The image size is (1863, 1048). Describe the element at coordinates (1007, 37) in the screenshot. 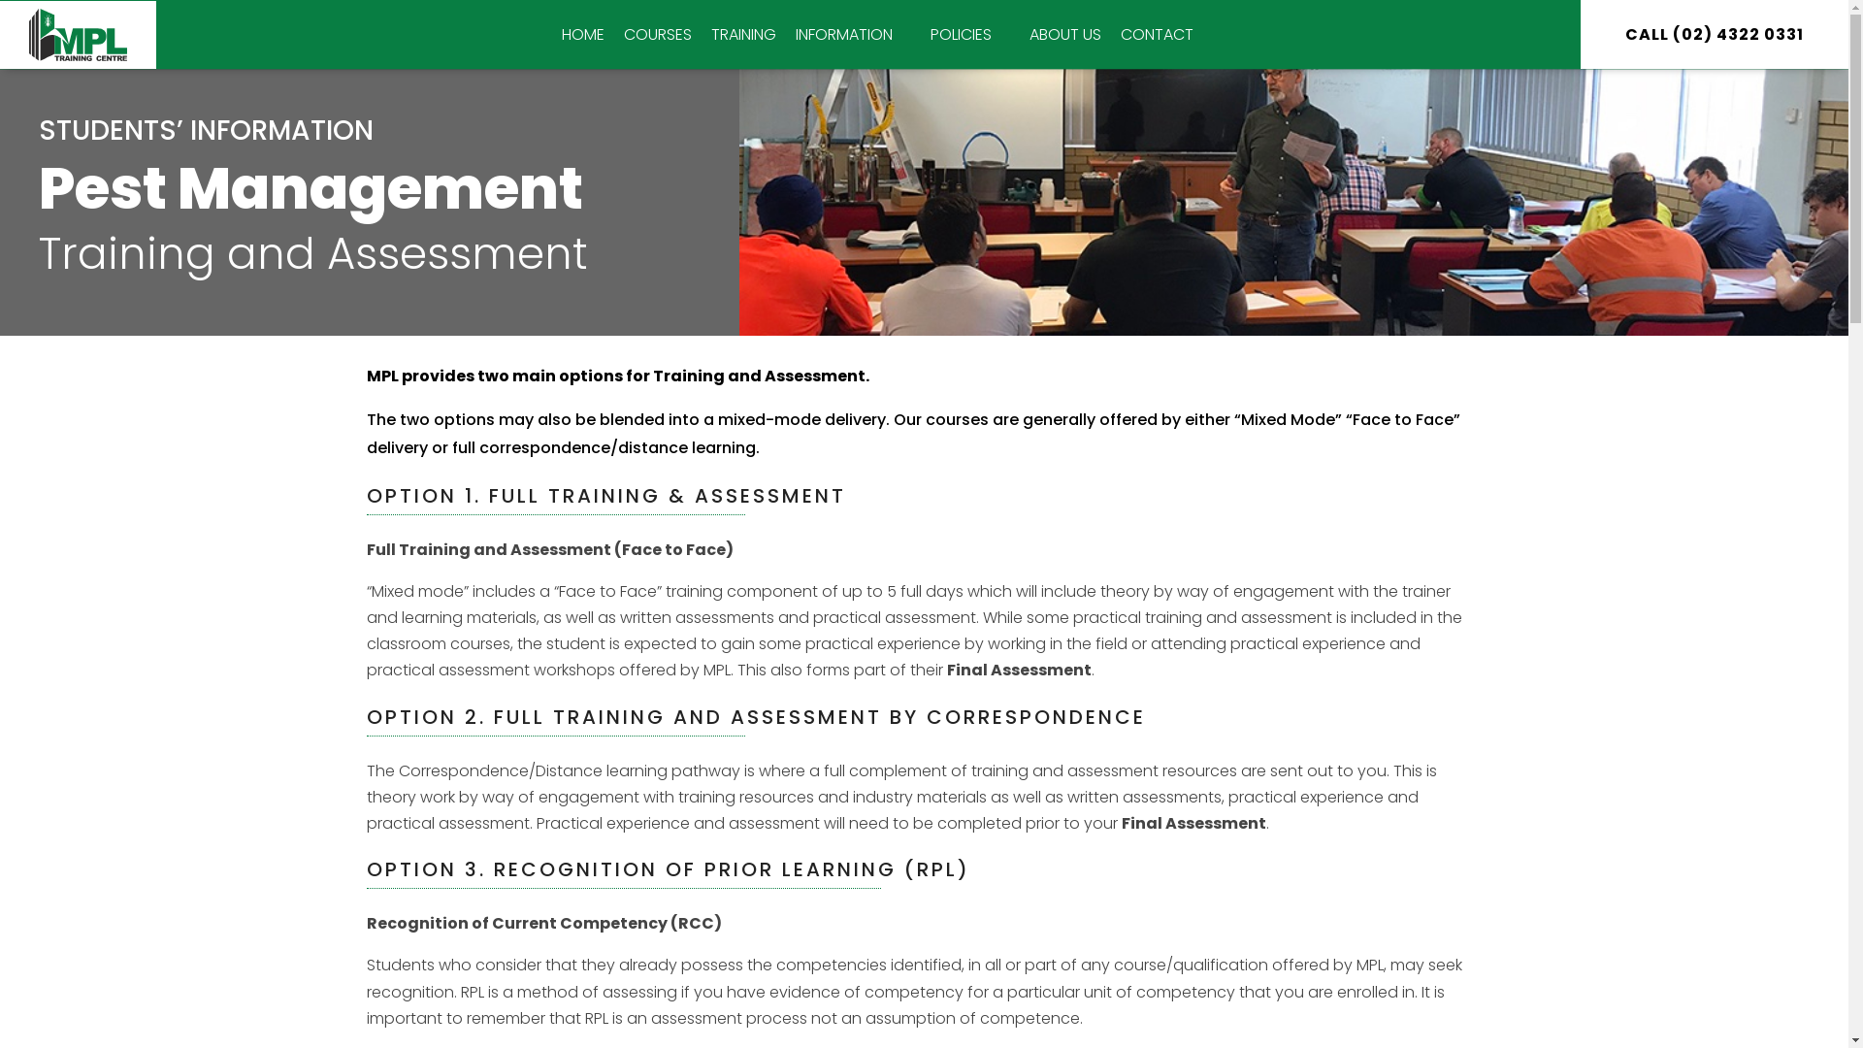

I see `'MORE INFO'` at that location.